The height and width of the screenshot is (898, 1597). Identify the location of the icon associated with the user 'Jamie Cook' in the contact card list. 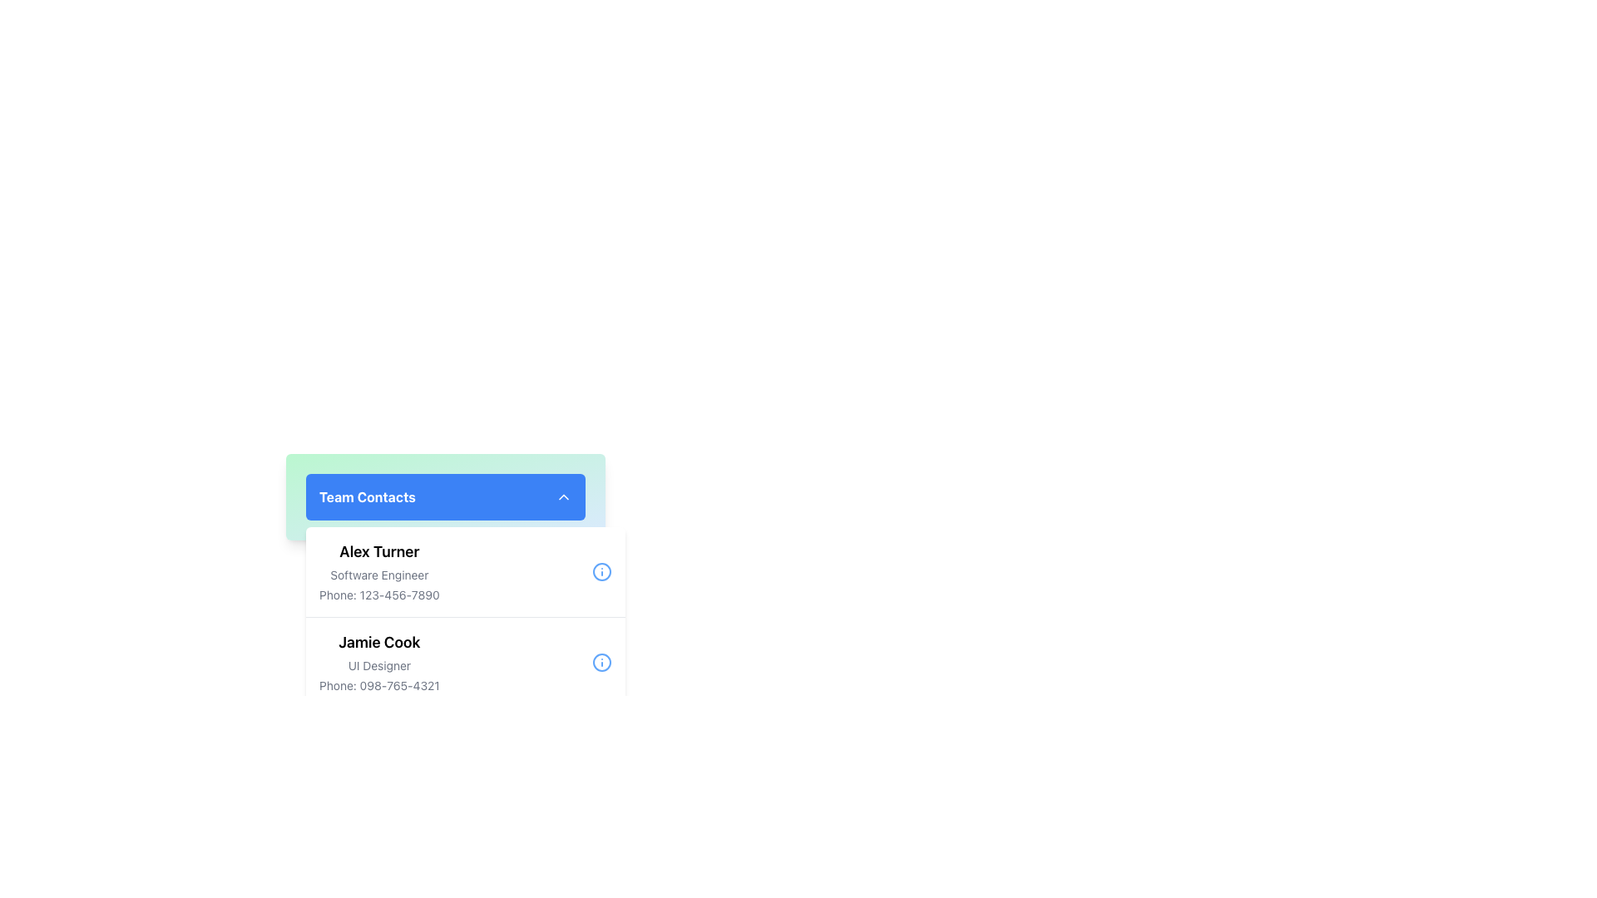
(601, 662).